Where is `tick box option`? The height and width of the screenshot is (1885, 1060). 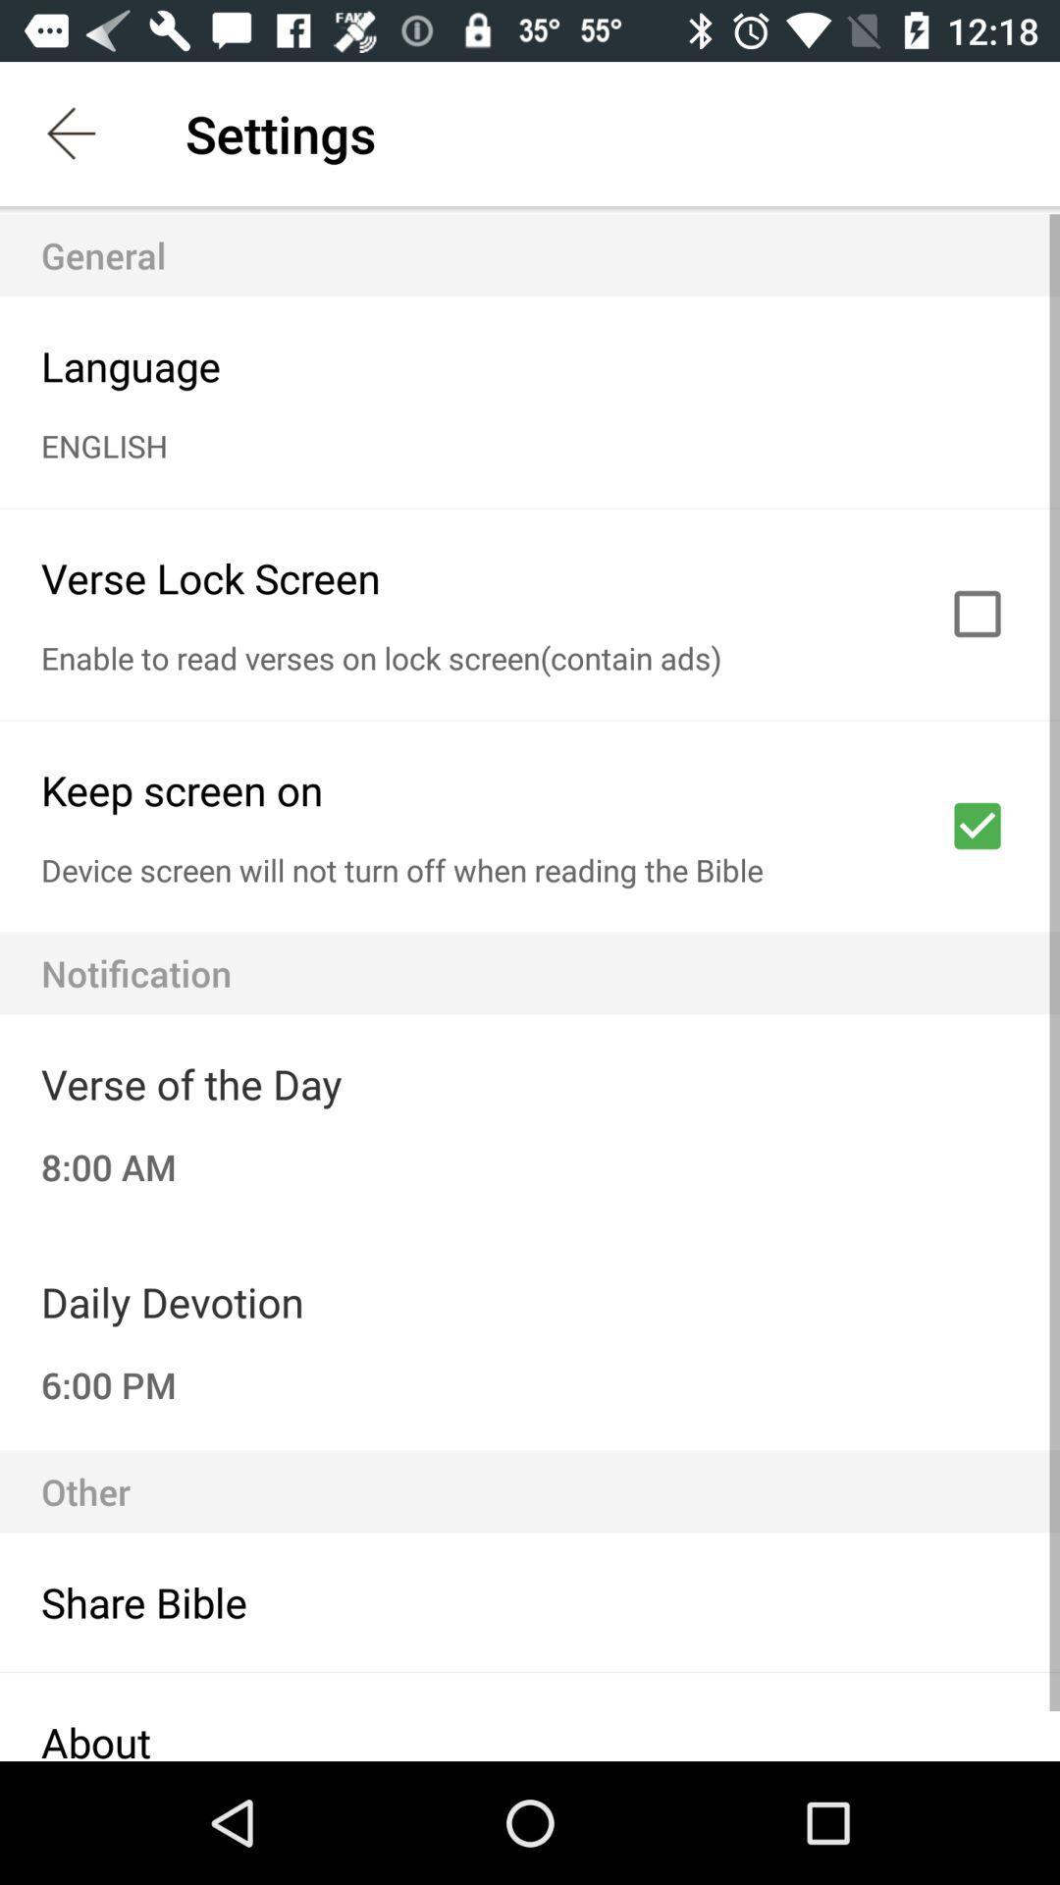 tick box option is located at coordinates (977, 613).